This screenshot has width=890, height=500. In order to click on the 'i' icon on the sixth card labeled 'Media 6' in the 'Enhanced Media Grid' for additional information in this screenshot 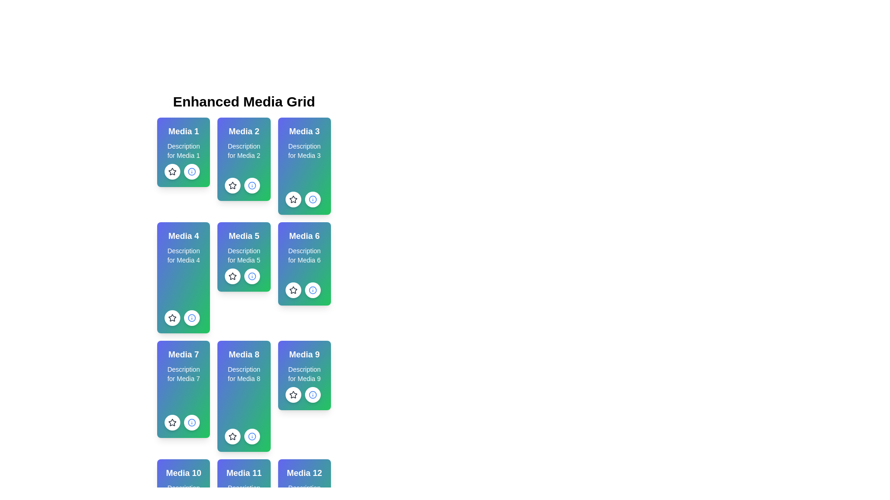, I will do `click(304, 264)`.